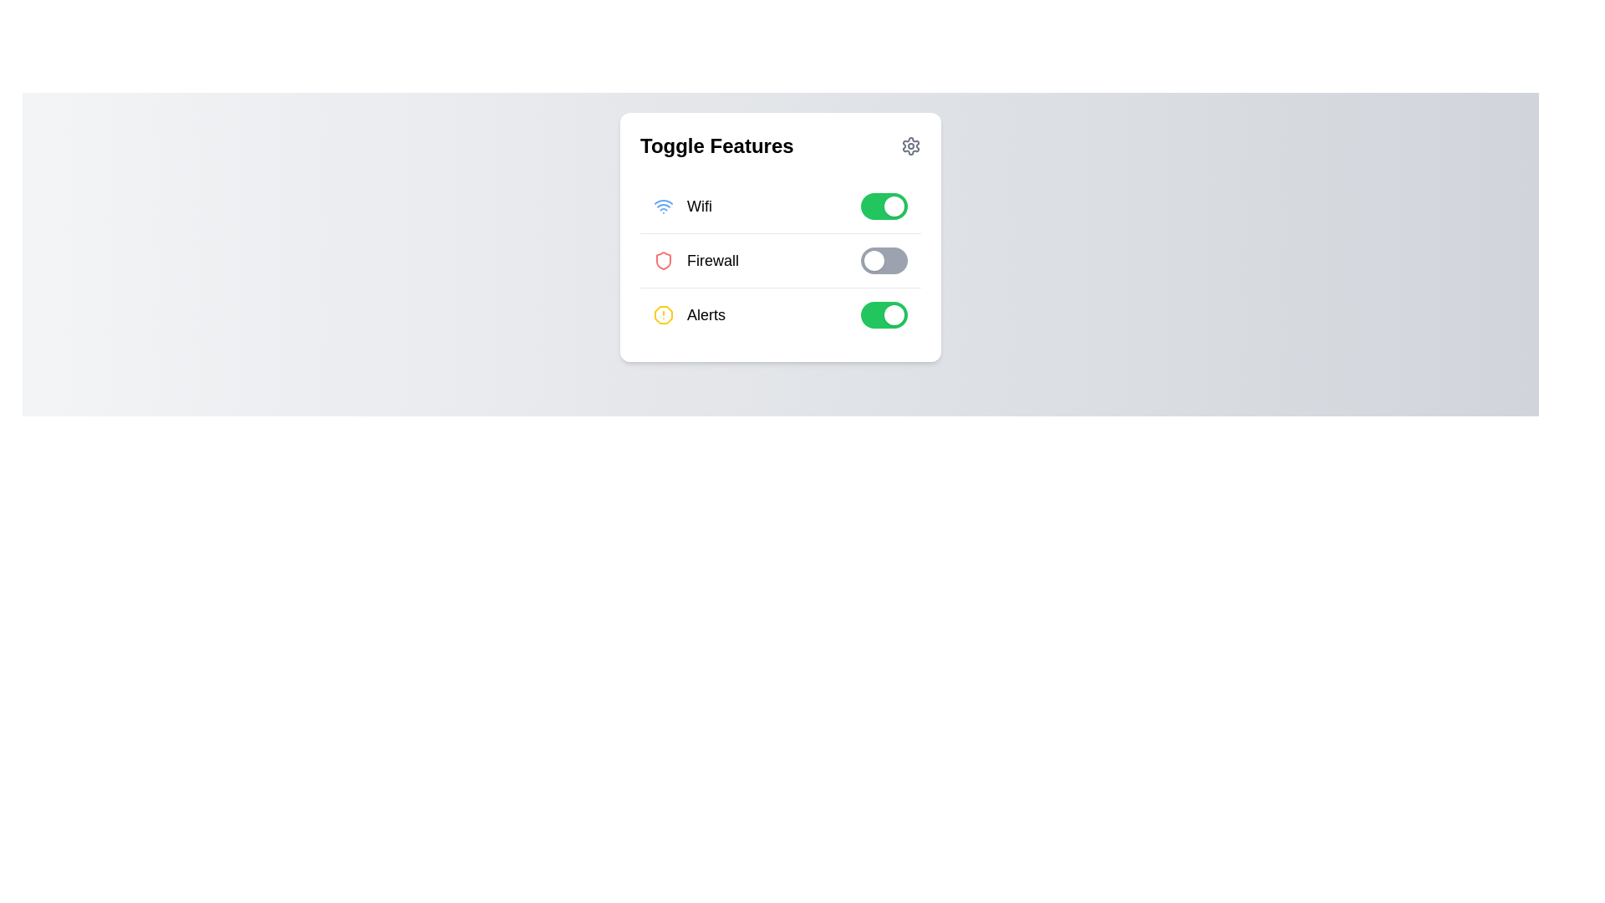 This screenshot has height=903, width=1605. What do you see at coordinates (706, 315) in the screenshot?
I see `the 'Alerts' text label that indicates the purpose of the adjacent toggle switch for alerts, located in the third row of options in the toggle feature panel` at bounding box center [706, 315].